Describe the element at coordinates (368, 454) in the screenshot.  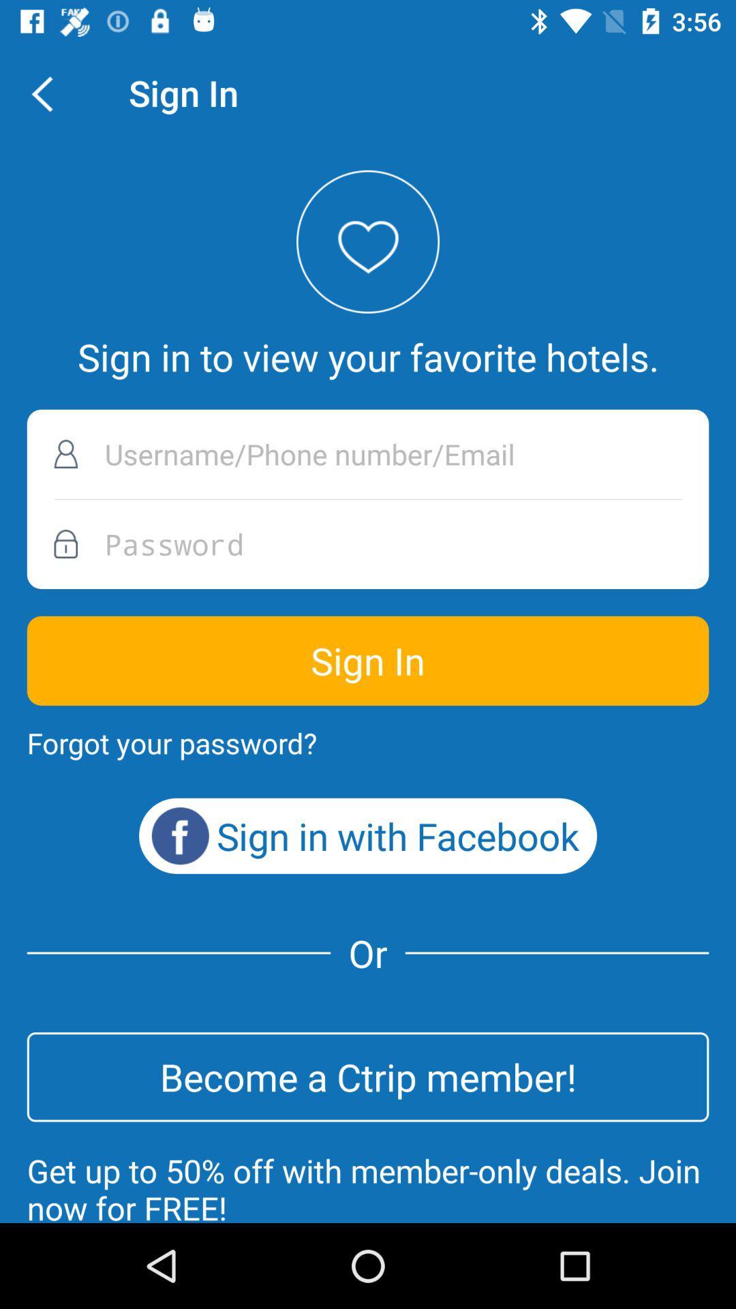
I see `the username` at that location.